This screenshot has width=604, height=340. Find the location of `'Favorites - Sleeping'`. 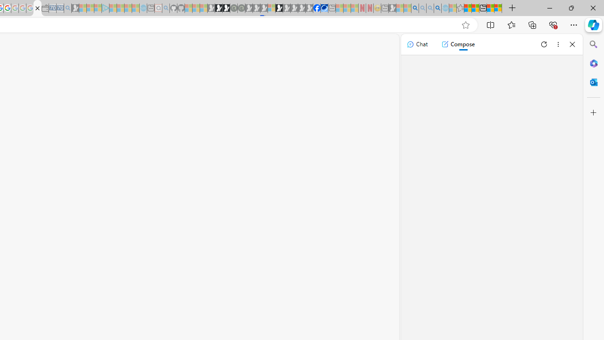

'Favorites - Sleeping' is located at coordinates (460, 8).